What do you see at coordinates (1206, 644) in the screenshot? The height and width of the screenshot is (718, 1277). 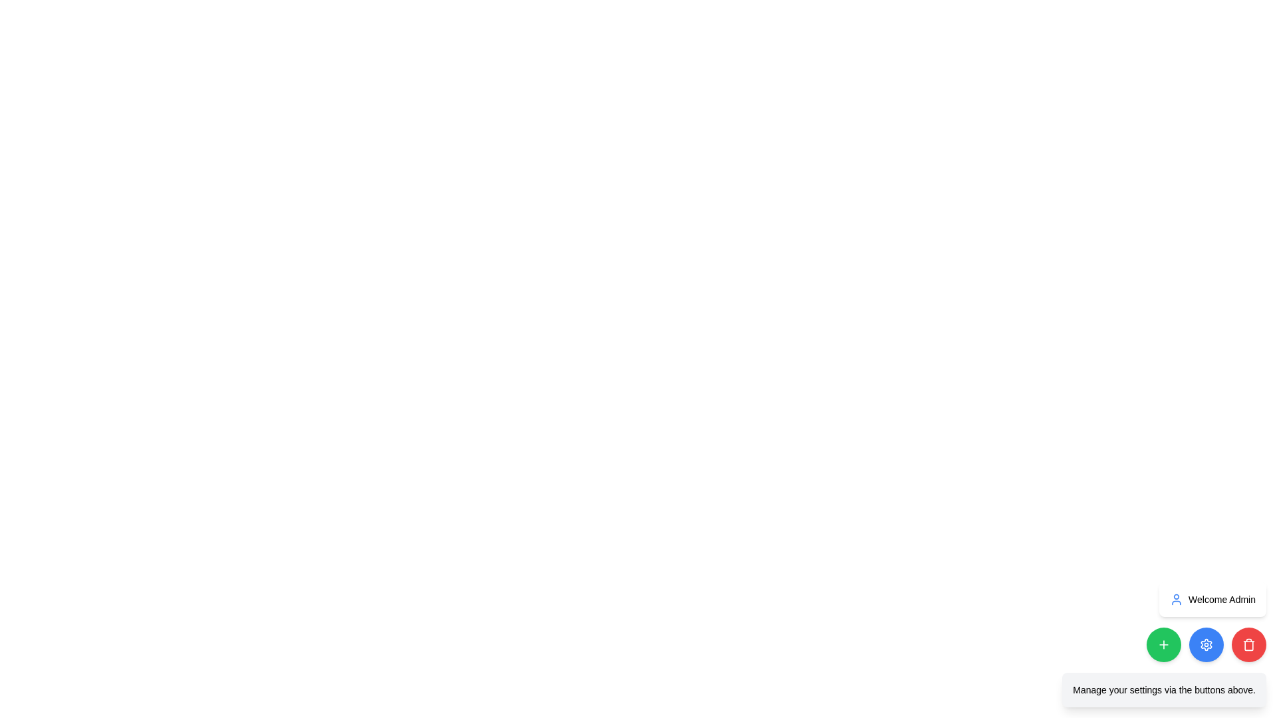 I see `the gear-shaped icon with a blue background located at the bottom-right corner of the interface` at bounding box center [1206, 644].